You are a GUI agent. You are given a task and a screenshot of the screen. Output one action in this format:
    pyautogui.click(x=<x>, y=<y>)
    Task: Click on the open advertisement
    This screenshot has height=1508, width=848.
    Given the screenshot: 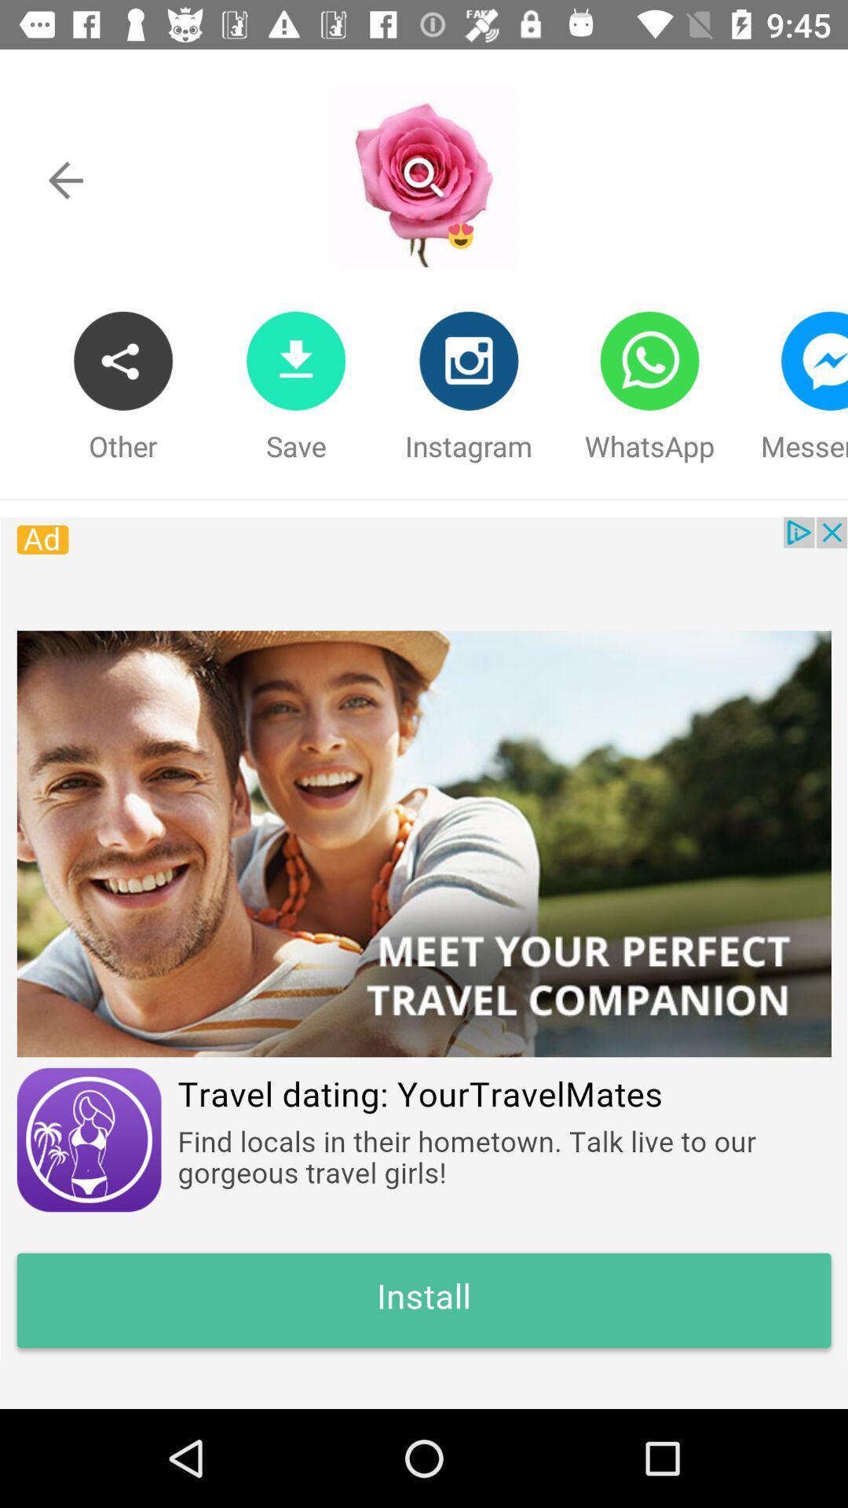 What is the action you would take?
    pyautogui.click(x=424, y=940)
    